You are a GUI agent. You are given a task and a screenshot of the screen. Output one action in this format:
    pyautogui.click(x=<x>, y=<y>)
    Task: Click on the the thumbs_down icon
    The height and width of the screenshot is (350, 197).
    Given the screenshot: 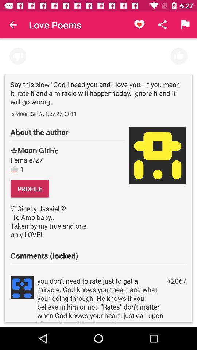 What is the action you would take?
    pyautogui.click(x=18, y=56)
    